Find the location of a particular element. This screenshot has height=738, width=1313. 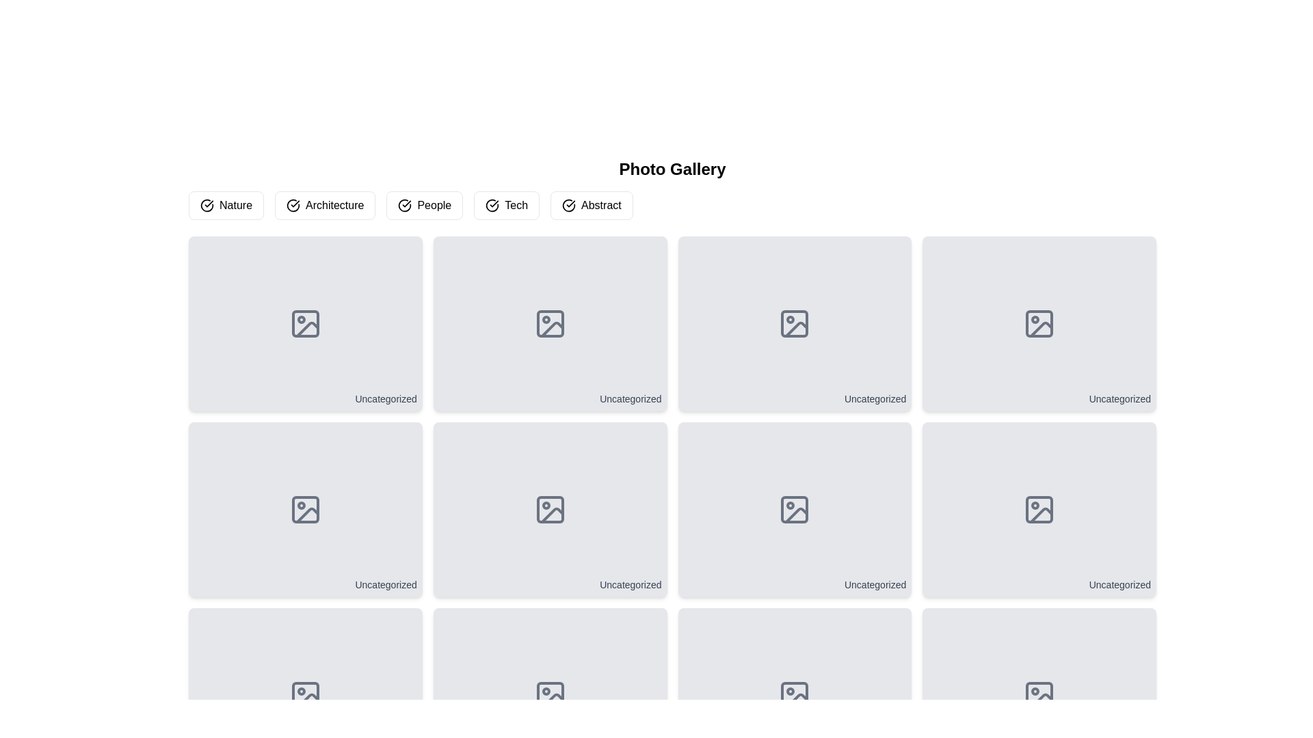

the visual indicator icon representing an image placeholder located in the bottom right corner of the 'Uncategorized' card element is located at coordinates (1039, 509).